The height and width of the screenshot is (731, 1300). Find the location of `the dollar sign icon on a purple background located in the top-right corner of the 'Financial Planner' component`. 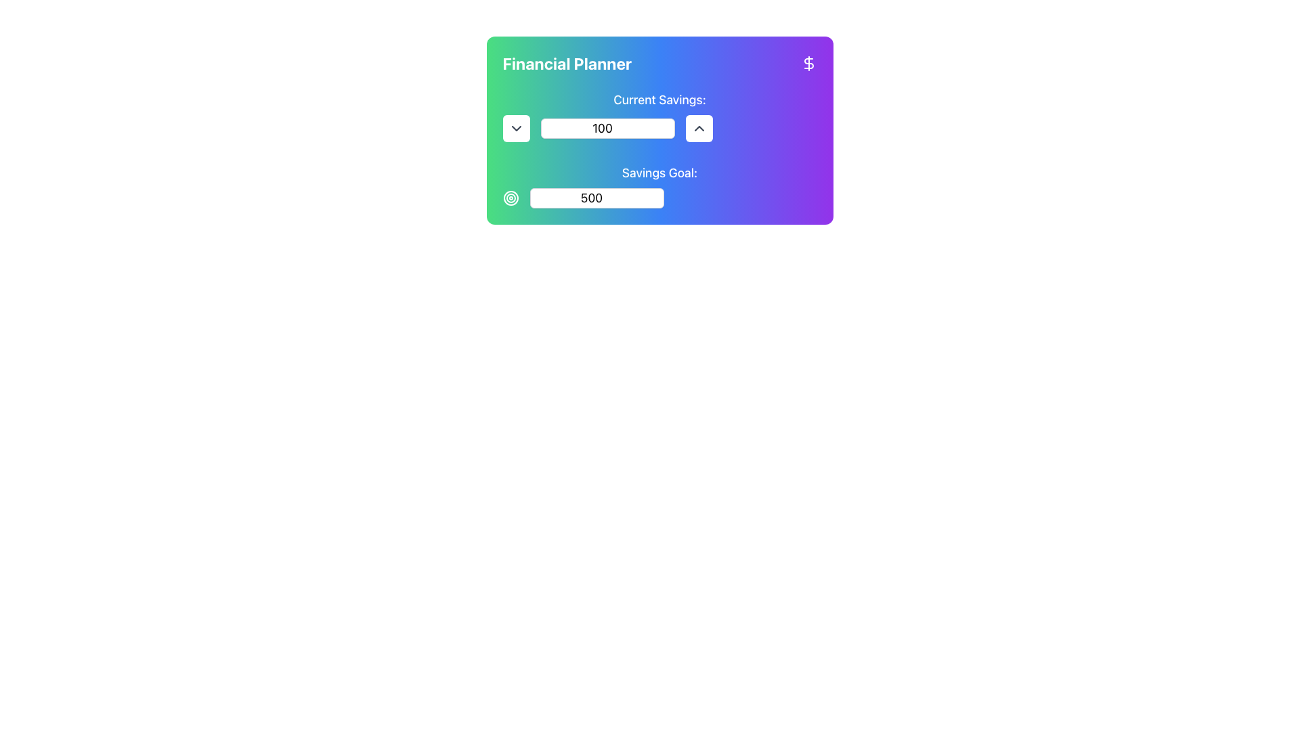

the dollar sign icon on a purple background located in the top-right corner of the 'Financial Planner' component is located at coordinates (808, 63).